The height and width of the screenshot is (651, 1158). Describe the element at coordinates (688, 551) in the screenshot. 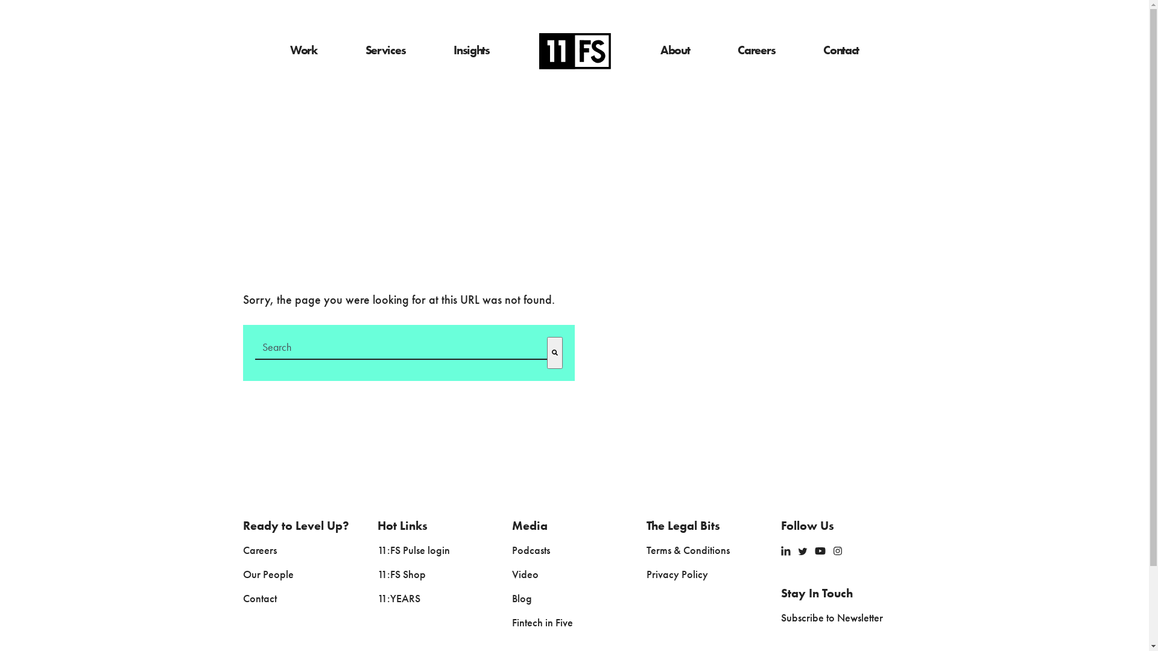

I see `'Terms & Conditions'` at that location.